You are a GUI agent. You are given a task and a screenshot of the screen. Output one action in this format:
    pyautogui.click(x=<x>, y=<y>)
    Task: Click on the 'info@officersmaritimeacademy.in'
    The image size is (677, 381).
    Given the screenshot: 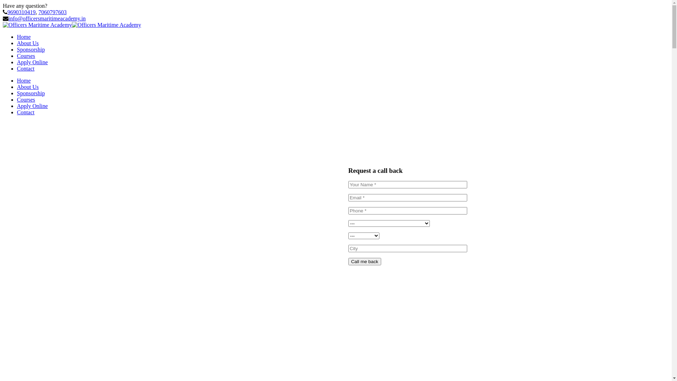 What is the action you would take?
    pyautogui.click(x=47, y=18)
    